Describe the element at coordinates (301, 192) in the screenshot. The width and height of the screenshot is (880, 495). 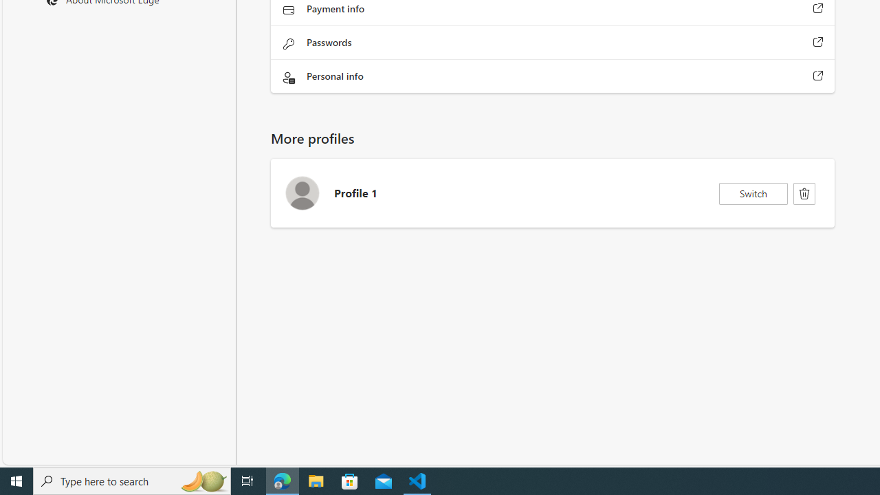
I see `'Profile 1 Avatar icon'` at that location.